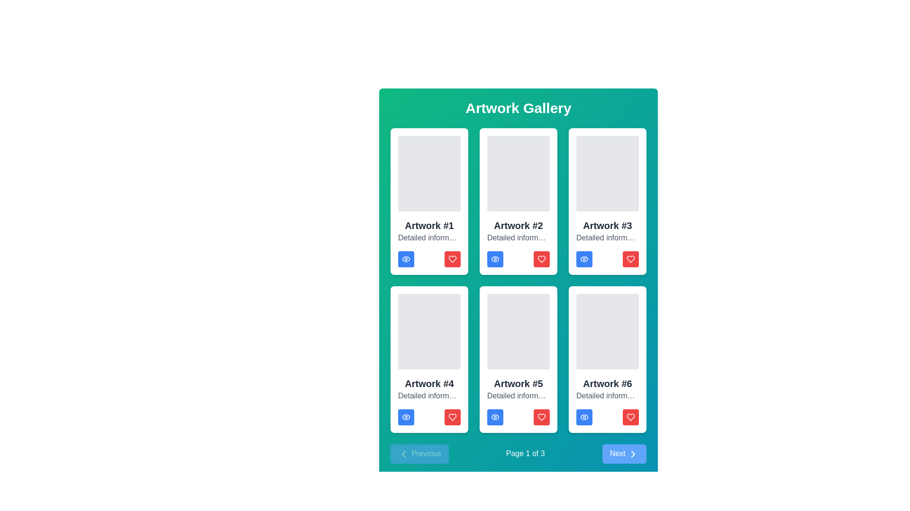 Image resolution: width=910 pixels, height=511 pixels. I want to click on the 'view' button located beneath 'Artwork #1', so click(406, 259).